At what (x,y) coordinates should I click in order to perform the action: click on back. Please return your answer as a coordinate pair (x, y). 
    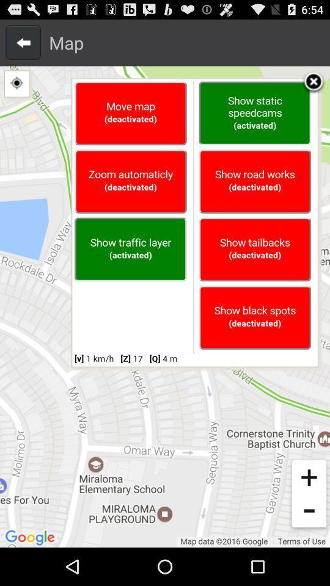
    Looking at the image, I should click on (23, 42).